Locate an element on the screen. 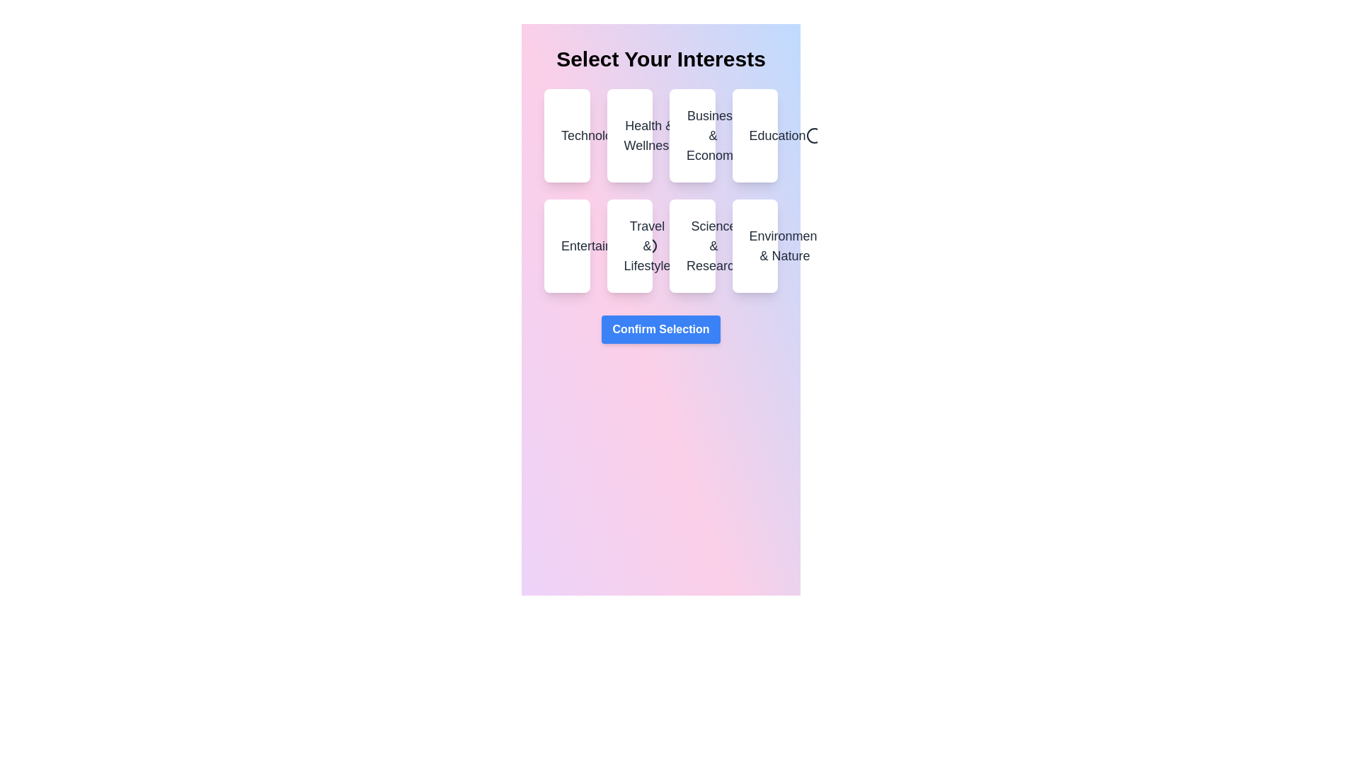 The height and width of the screenshot is (764, 1359). the category Health & Wellness to see the hover effect is located at coordinates (629, 136).